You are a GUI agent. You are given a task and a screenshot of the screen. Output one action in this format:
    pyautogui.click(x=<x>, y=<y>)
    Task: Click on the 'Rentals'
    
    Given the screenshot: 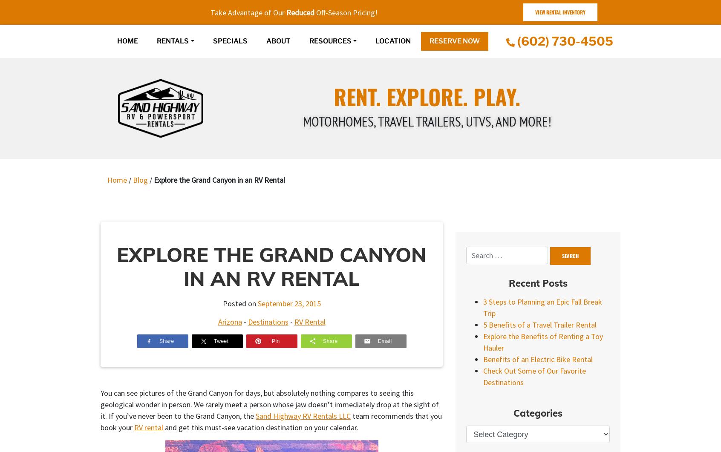 What is the action you would take?
    pyautogui.click(x=173, y=41)
    